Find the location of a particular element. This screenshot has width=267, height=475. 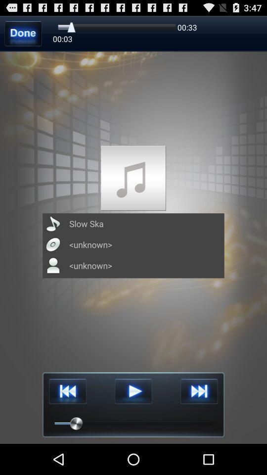

the play icon is located at coordinates (133, 418).